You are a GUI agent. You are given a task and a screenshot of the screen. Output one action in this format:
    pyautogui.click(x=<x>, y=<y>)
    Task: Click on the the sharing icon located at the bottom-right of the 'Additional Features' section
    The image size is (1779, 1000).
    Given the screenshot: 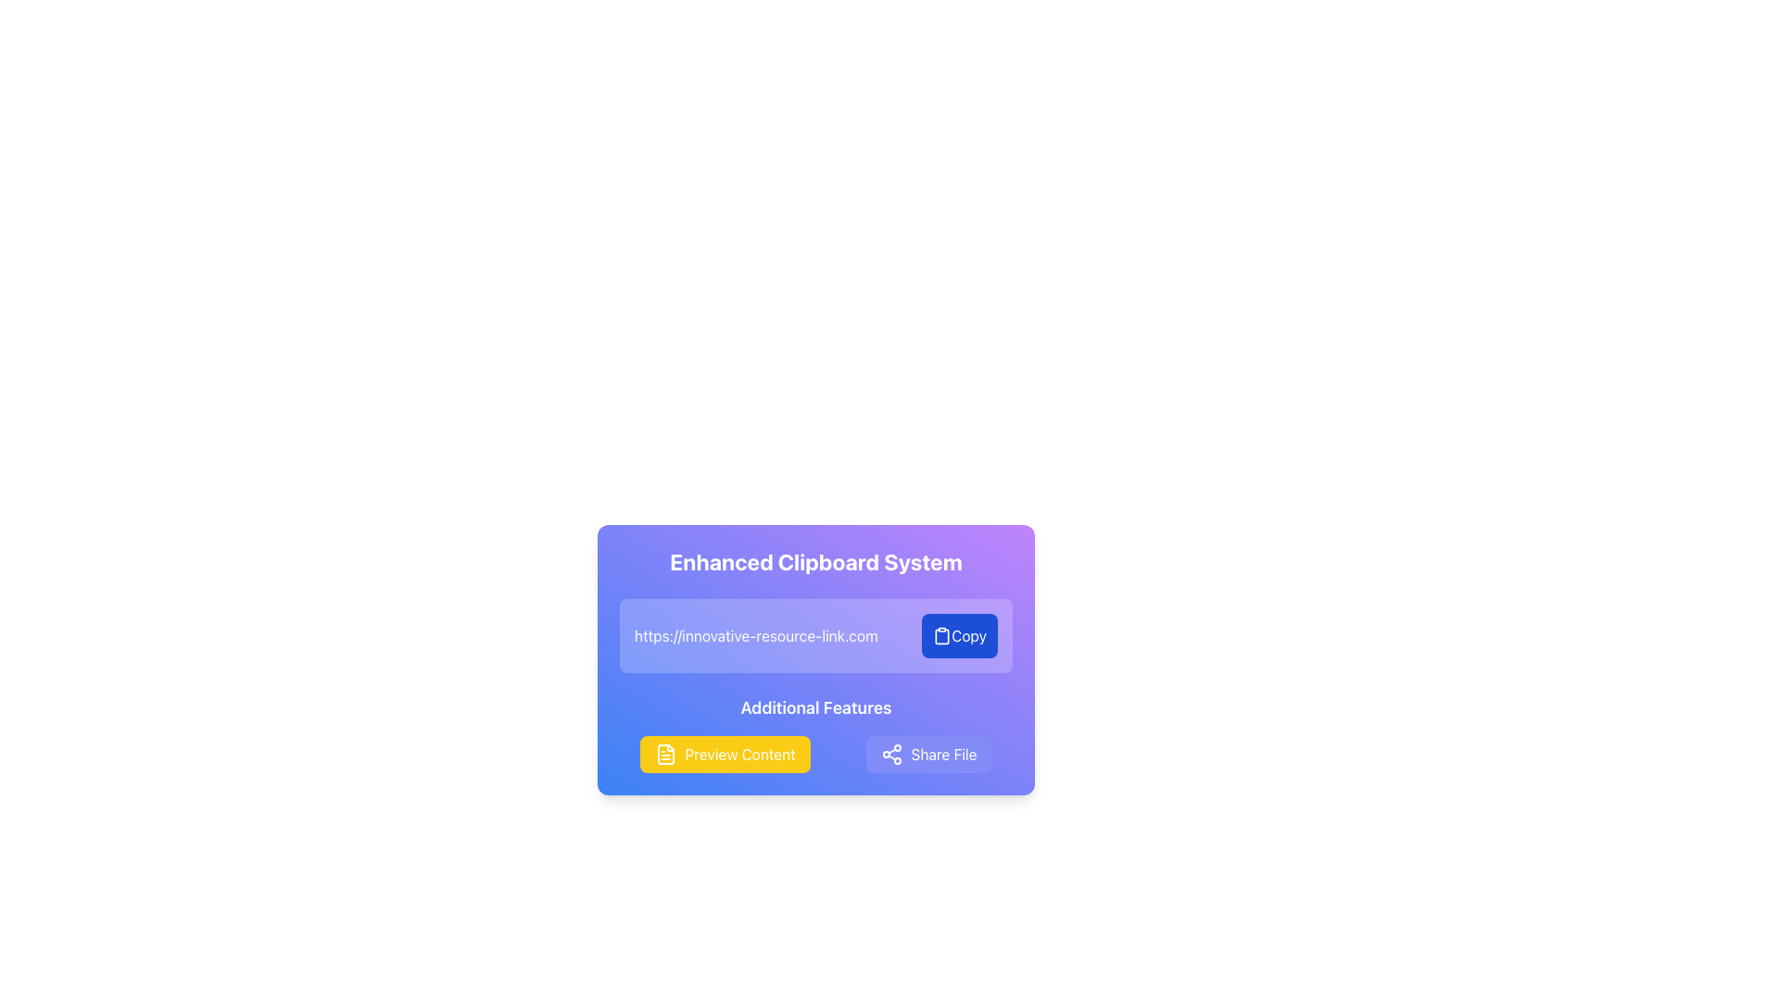 What is the action you would take?
    pyautogui.click(x=892, y=754)
    